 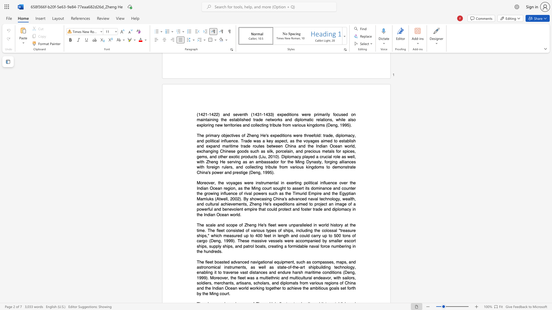 I want to click on the space between the continuous character "o" and "n" in the text, so click(x=233, y=188).